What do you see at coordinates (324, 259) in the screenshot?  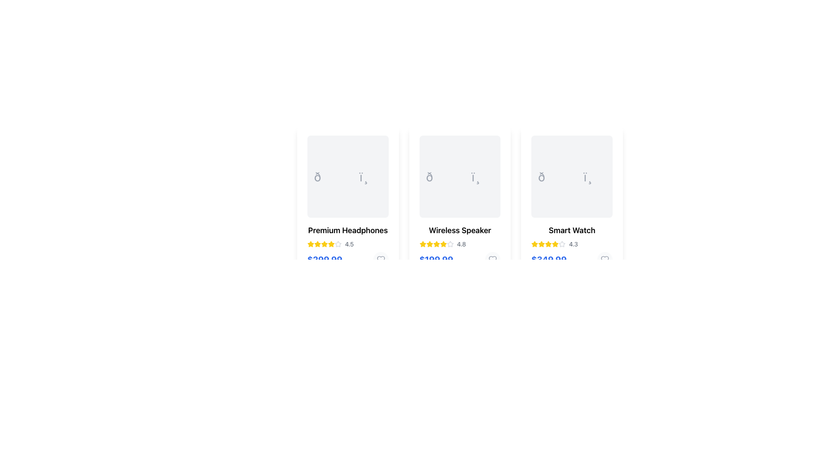 I see `the price display text label for the 'Premium Headphones' product, which is located just below the rating stars and review count in the product card` at bounding box center [324, 259].